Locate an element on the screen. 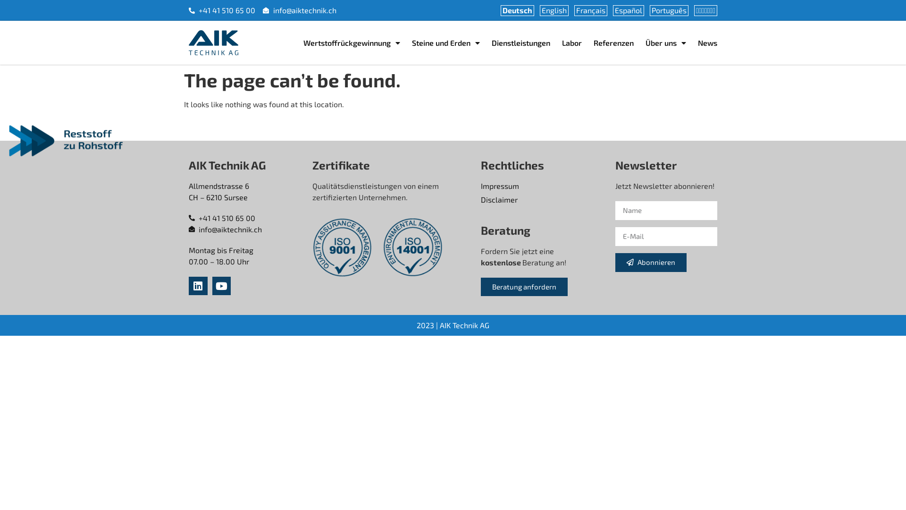 The width and height of the screenshot is (906, 510). 'info@aiktechnik.ch' is located at coordinates (246, 229).